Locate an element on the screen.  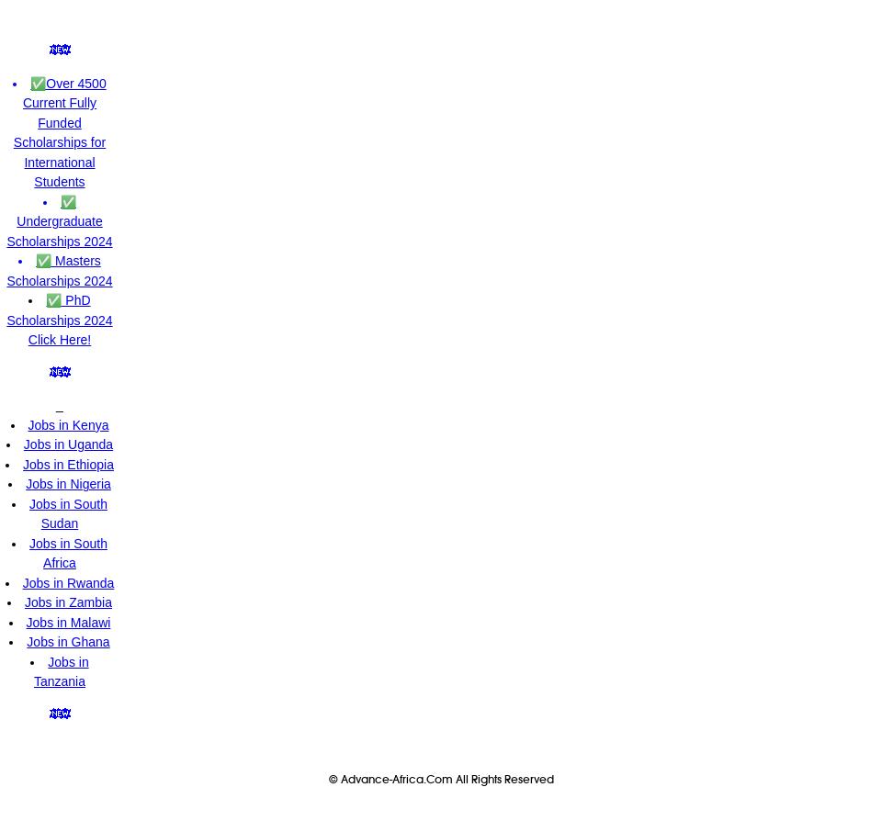
'✅ Undergraduate Scholarships 2024' is located at coordinates (59, 219).